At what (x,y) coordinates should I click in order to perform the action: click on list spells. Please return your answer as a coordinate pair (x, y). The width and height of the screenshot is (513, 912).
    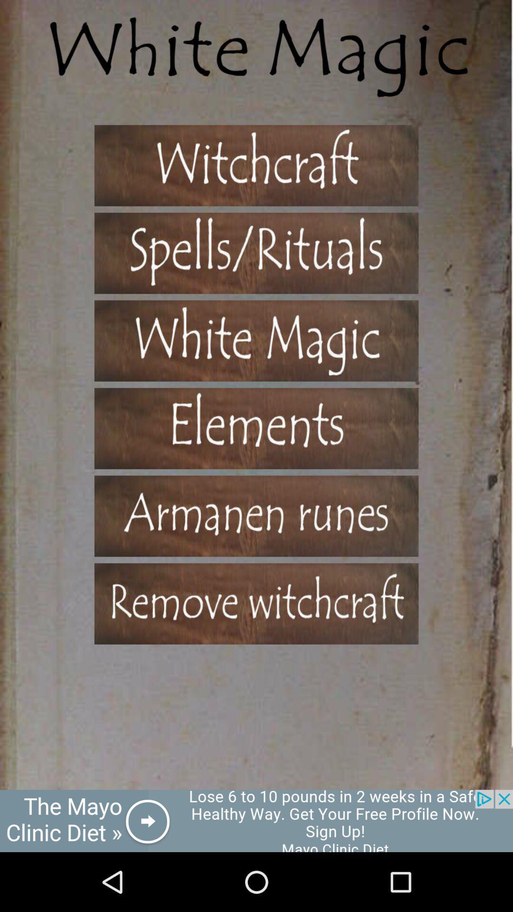
    Looking at the image, I should click on (256, 603).